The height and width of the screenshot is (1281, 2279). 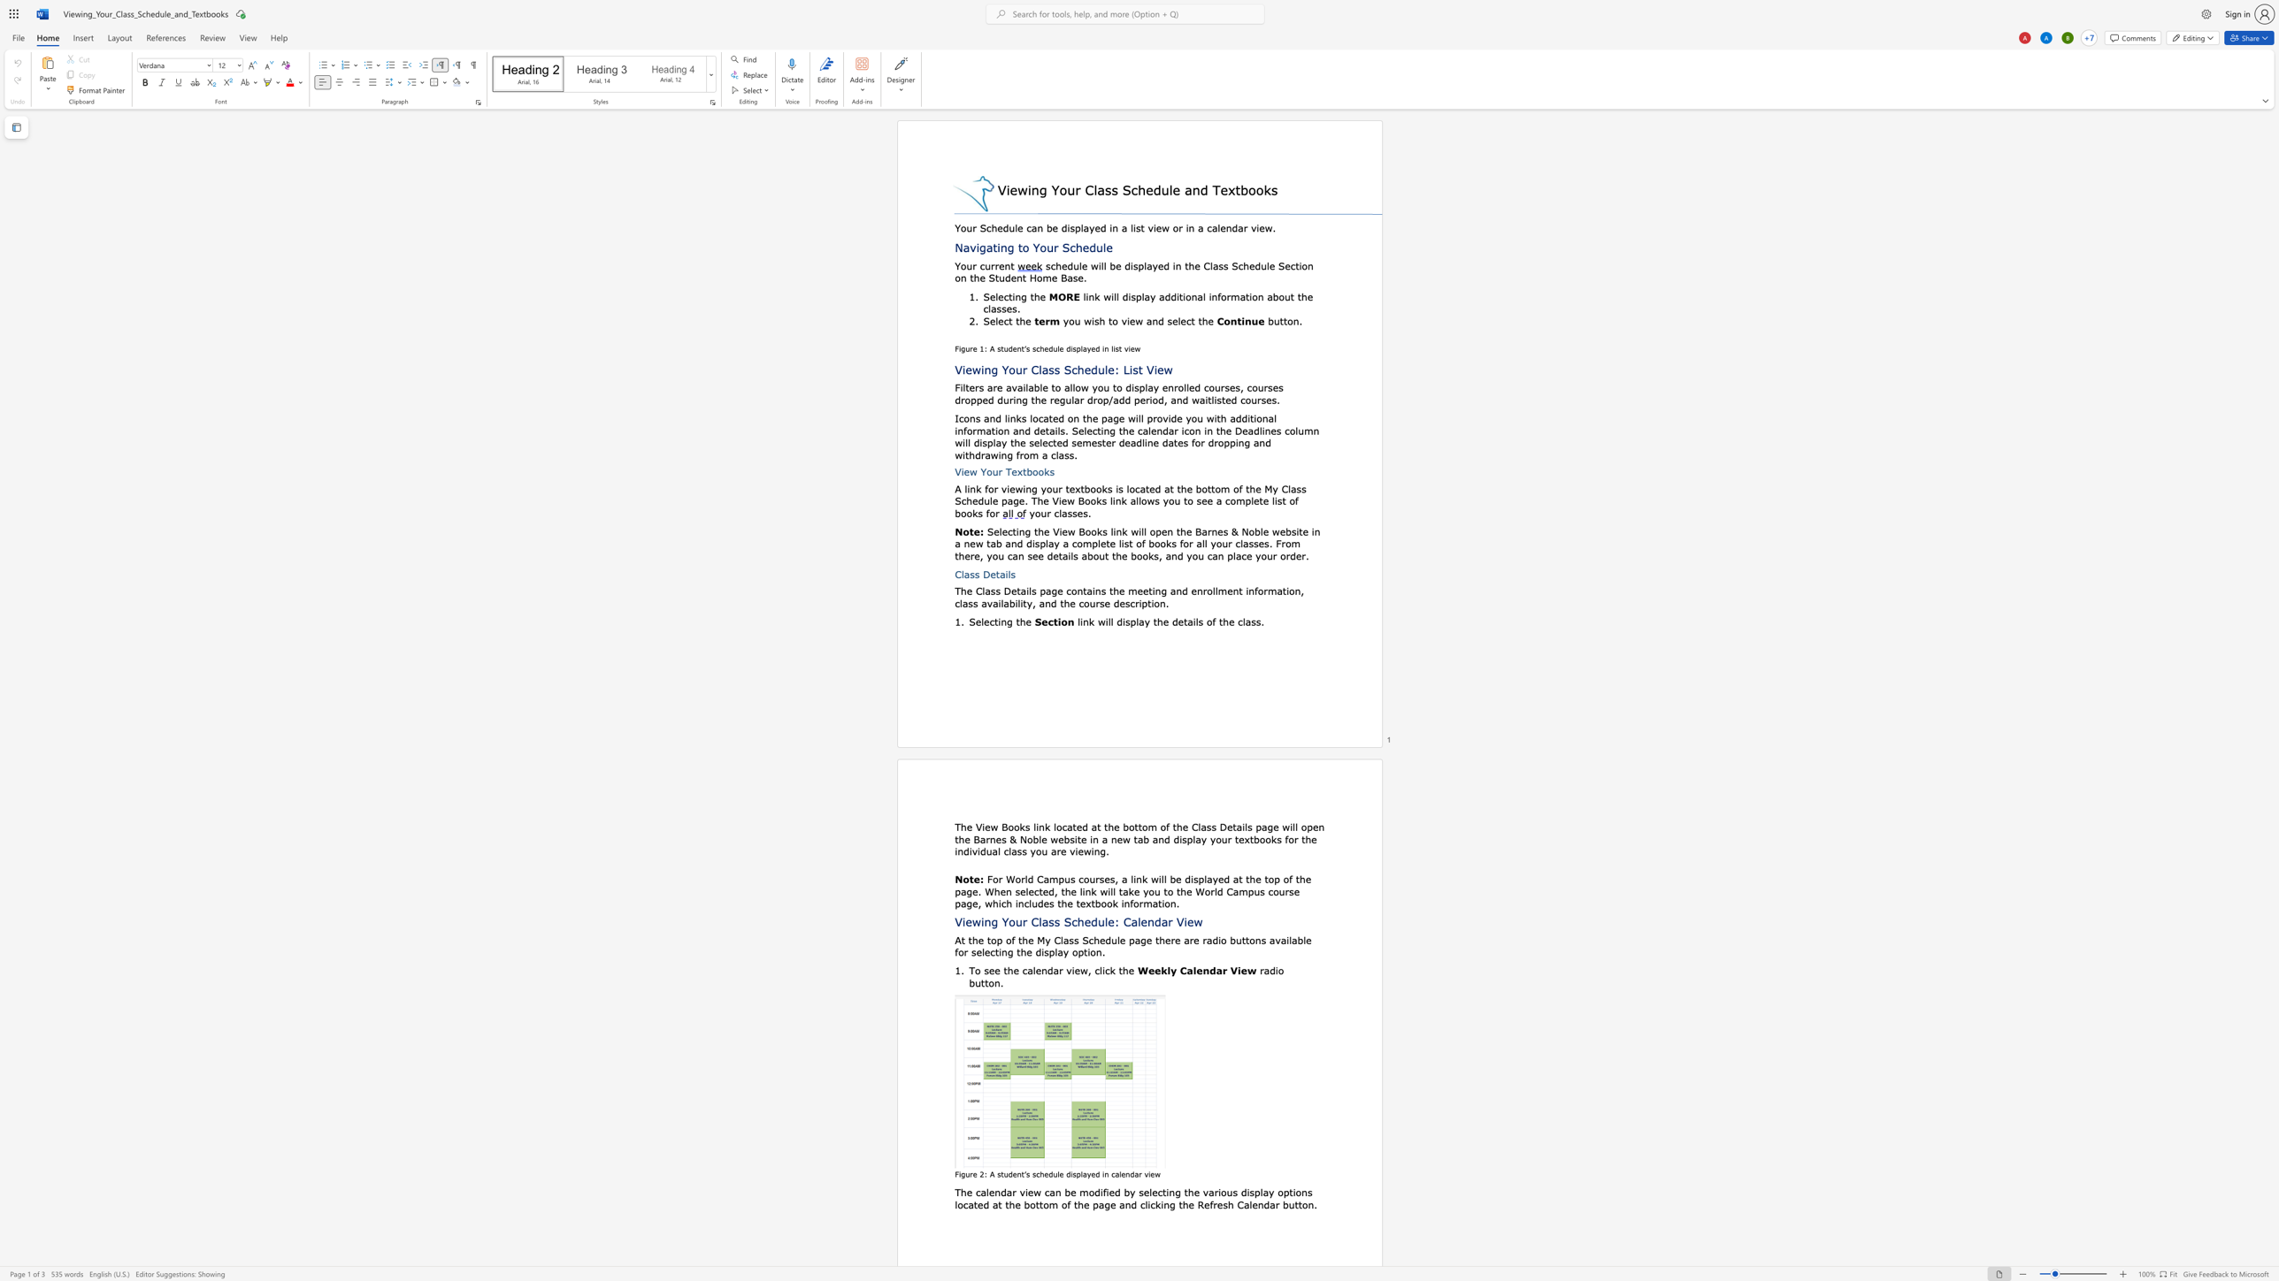 What do you see at coordinates (1074, 939) in the screenshot?
I see `the space between the continuous character "s" and "s" in the text` at bounding box center [1074, 939].